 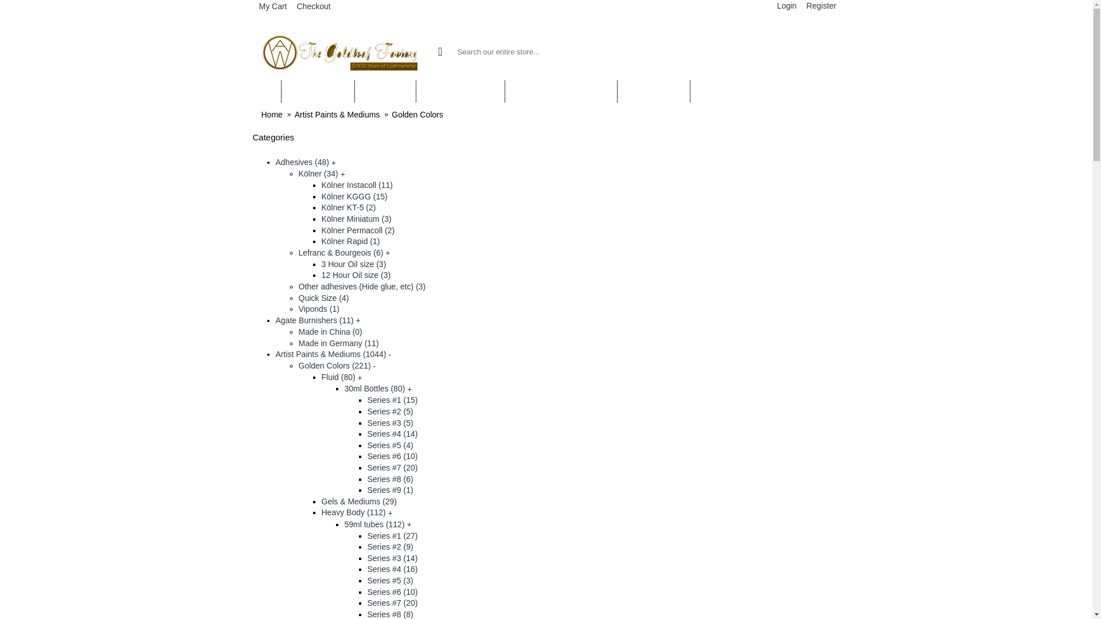 What do you see at coordinates (305, 162) in the screenshot?
I see `'Adhesives (48) +'` at bounding box center [305, 162].